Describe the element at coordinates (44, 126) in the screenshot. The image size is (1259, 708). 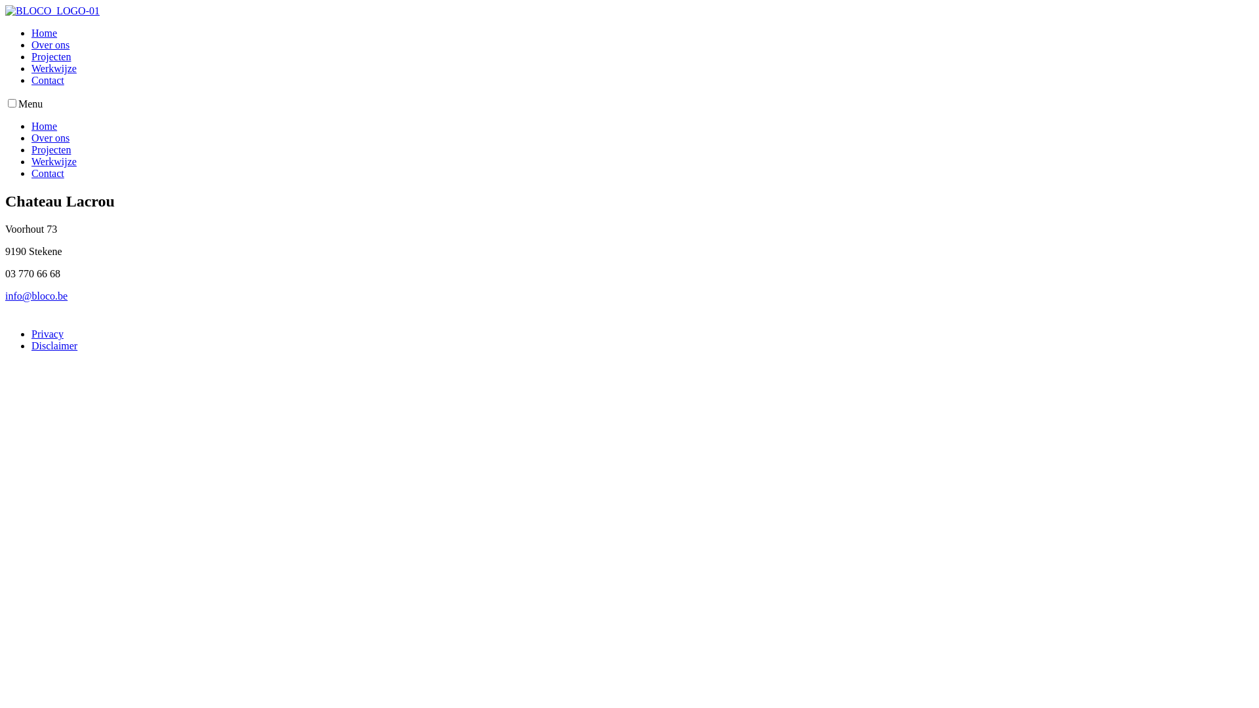
I see `'Home'` at that location.